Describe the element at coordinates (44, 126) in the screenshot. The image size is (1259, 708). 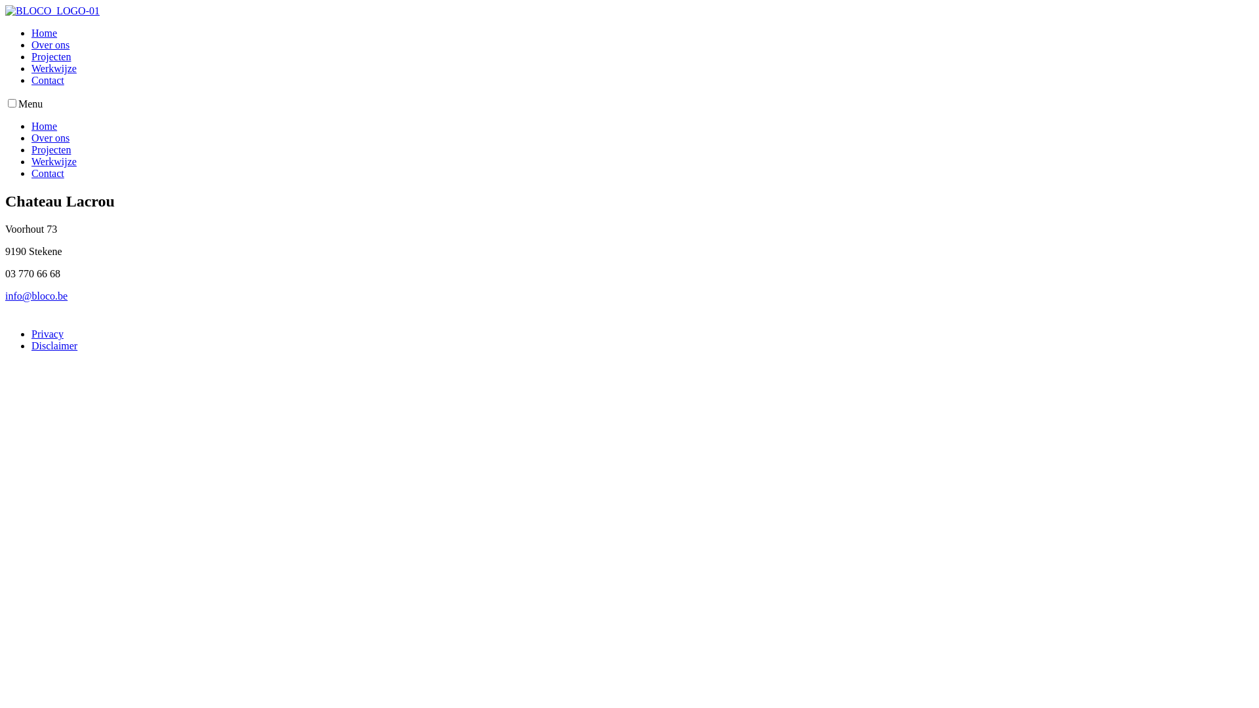
I see `'Home'` at that location.